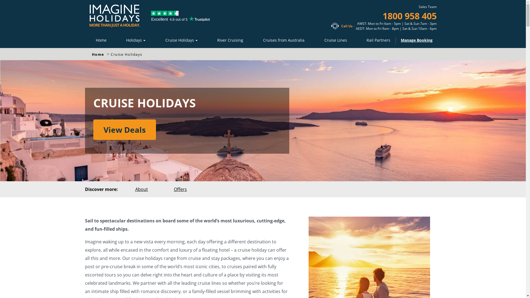  What do you see at coordinates (283, 40) in the screenshot?
I see `'Cruises from Australia'` at bounding box center [283, 40].